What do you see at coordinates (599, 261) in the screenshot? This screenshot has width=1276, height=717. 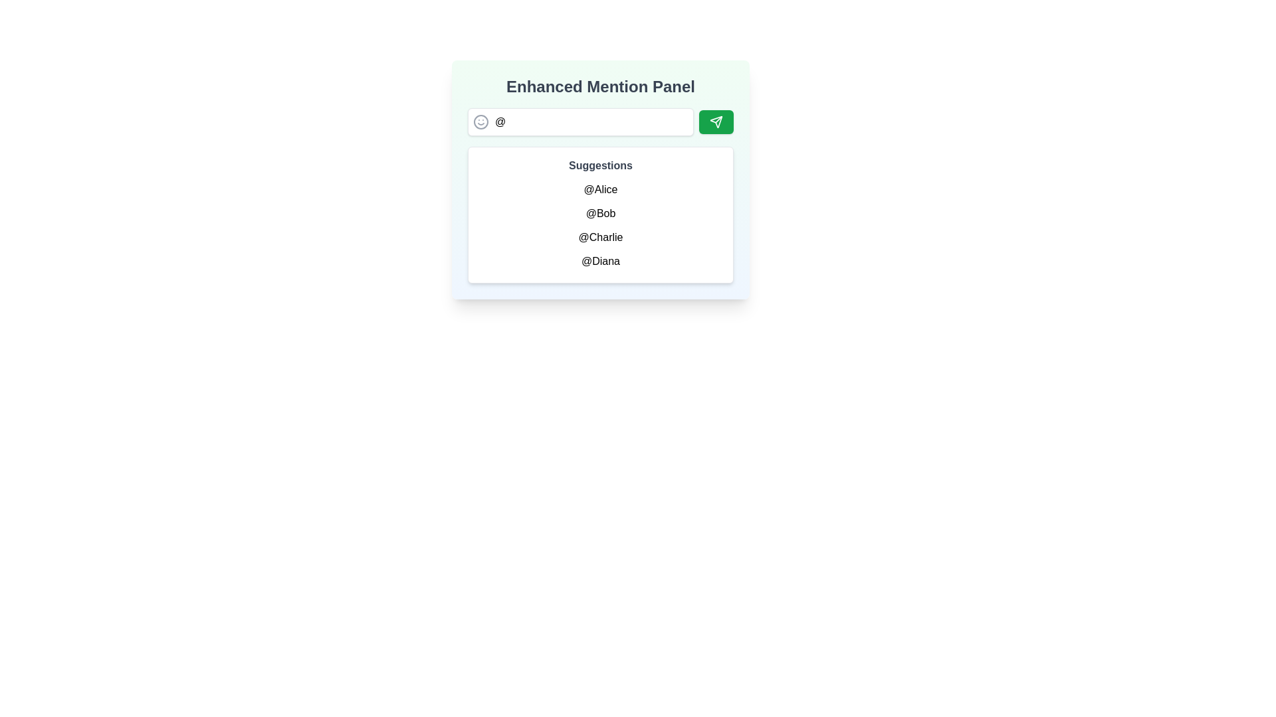 I see `the selectable text item representing the mention '@Diana', which is the last item in the vertical list labeled 'Suggestions'` at bounding box center [599, 261].